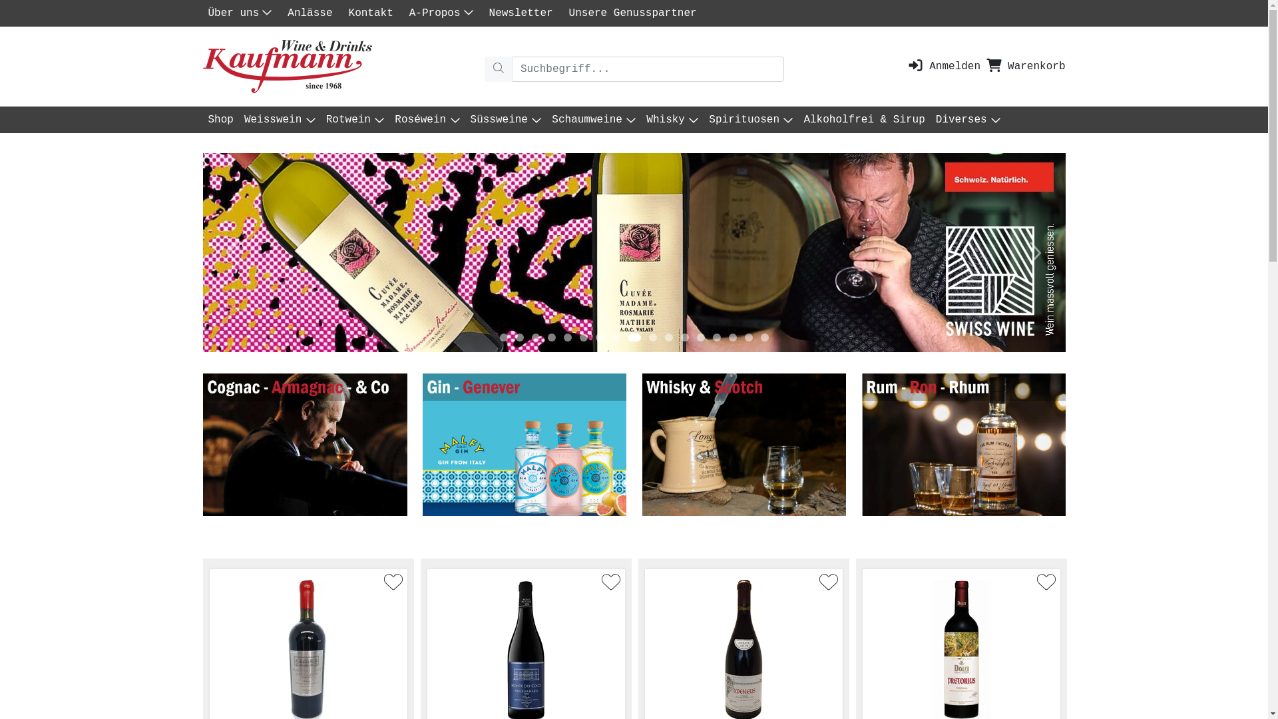  What do you see at coordinates (523, 13) in the screenshot?
I see `'Newsletter'` at bounding box center [523, 13].